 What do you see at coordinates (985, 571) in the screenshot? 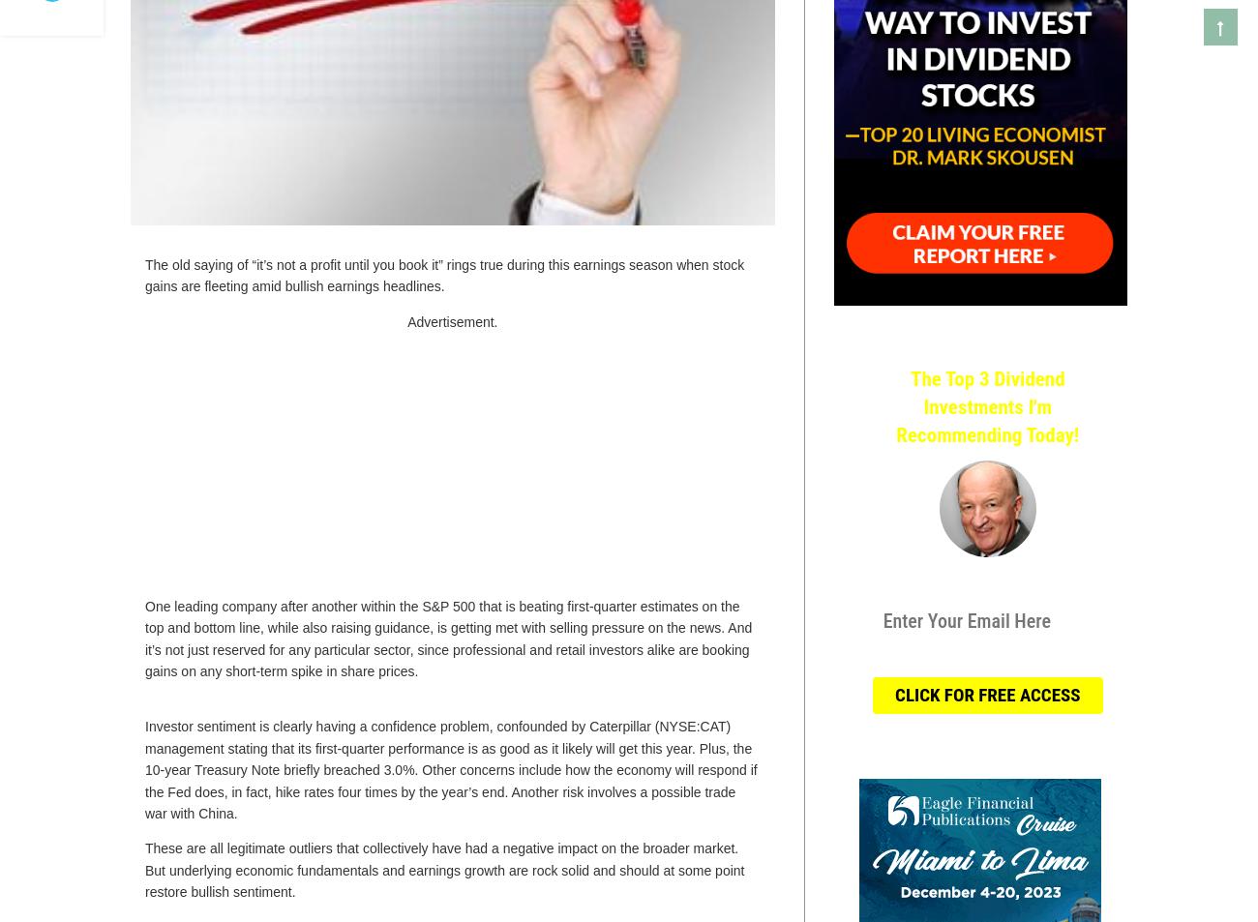
I see `'"Top 20 Living Economist"'` at bounding box center [985, 571].